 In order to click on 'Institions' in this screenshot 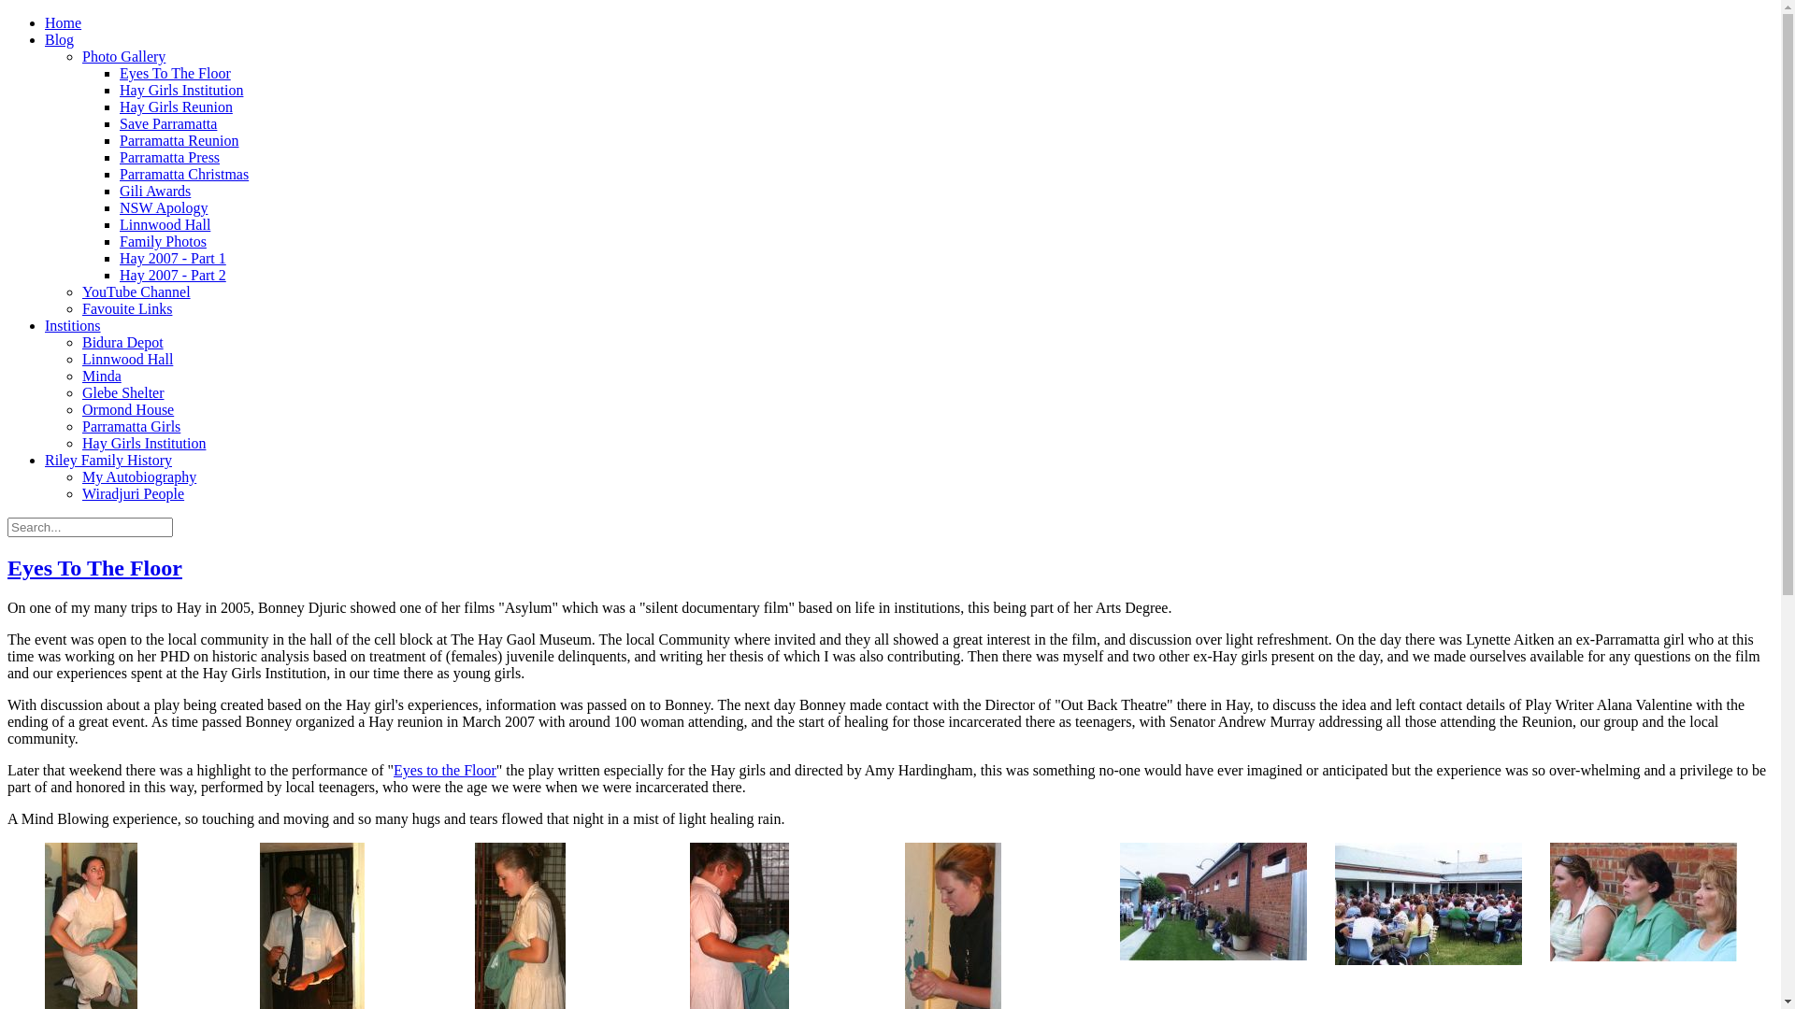, I will do `click(72, 324)`.